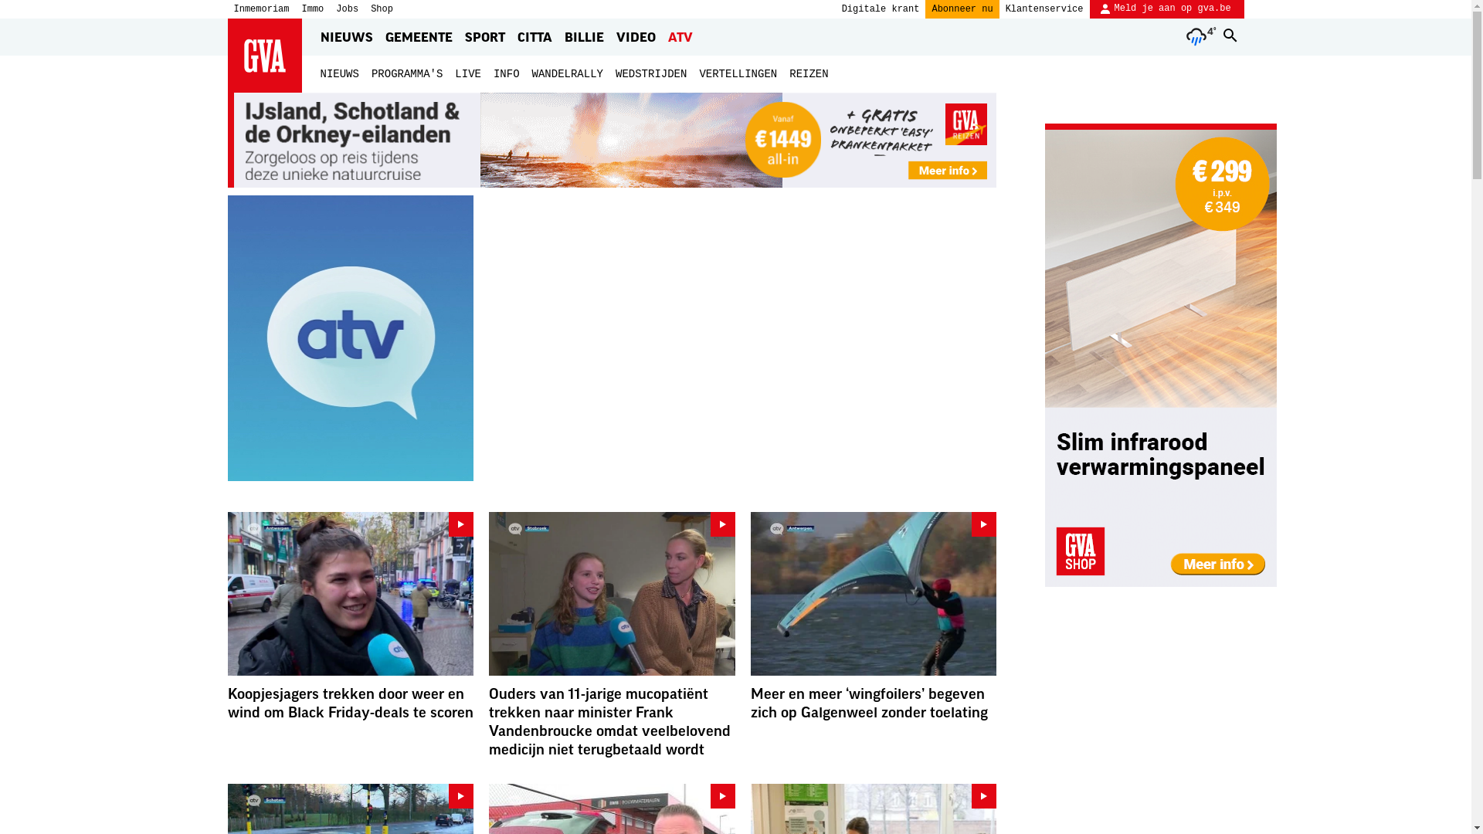 The height and width of the screenshot is (834, 1483). What do you see at coordinates (881, 8) in the screenshot?
I see `'Digitale krant'` at bounding box center [881, 8].